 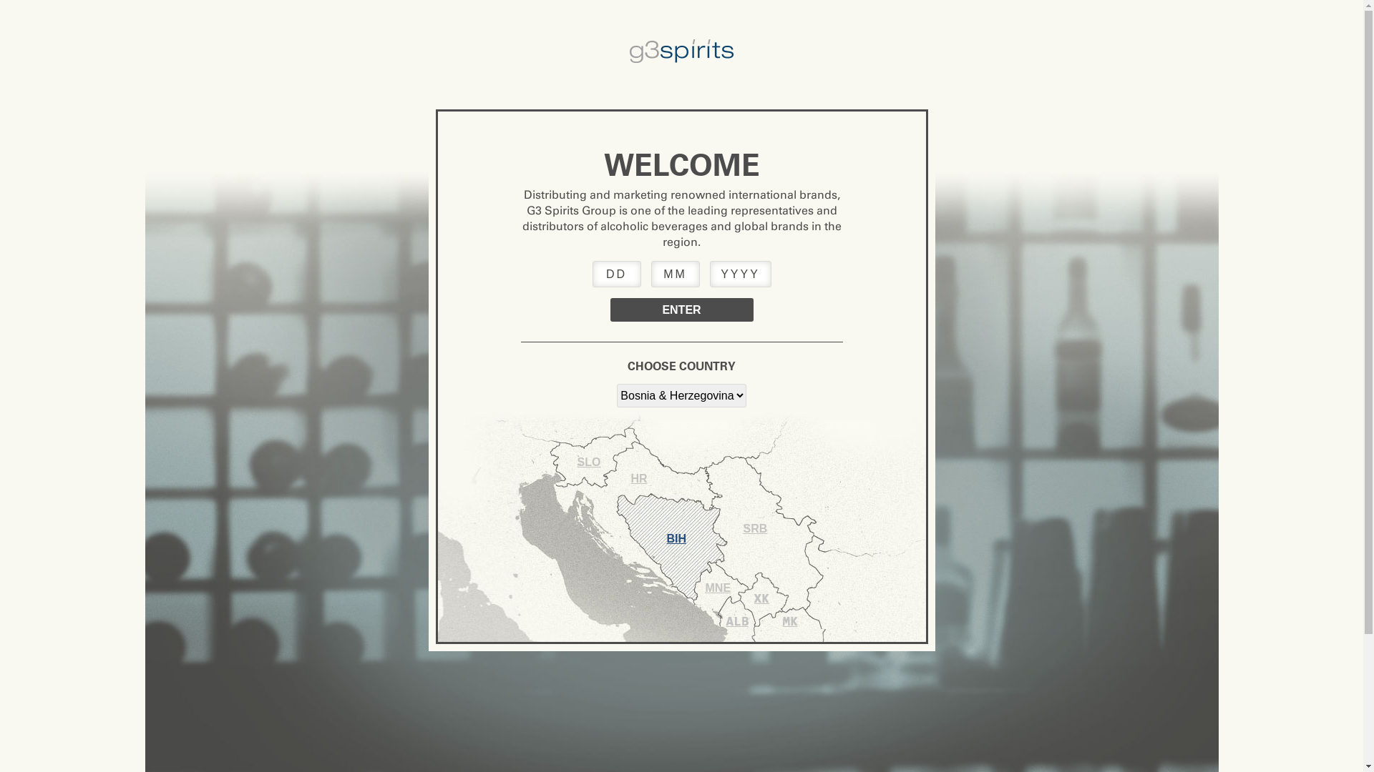 I want to click on 'Enter', so click(x=680, y=309).